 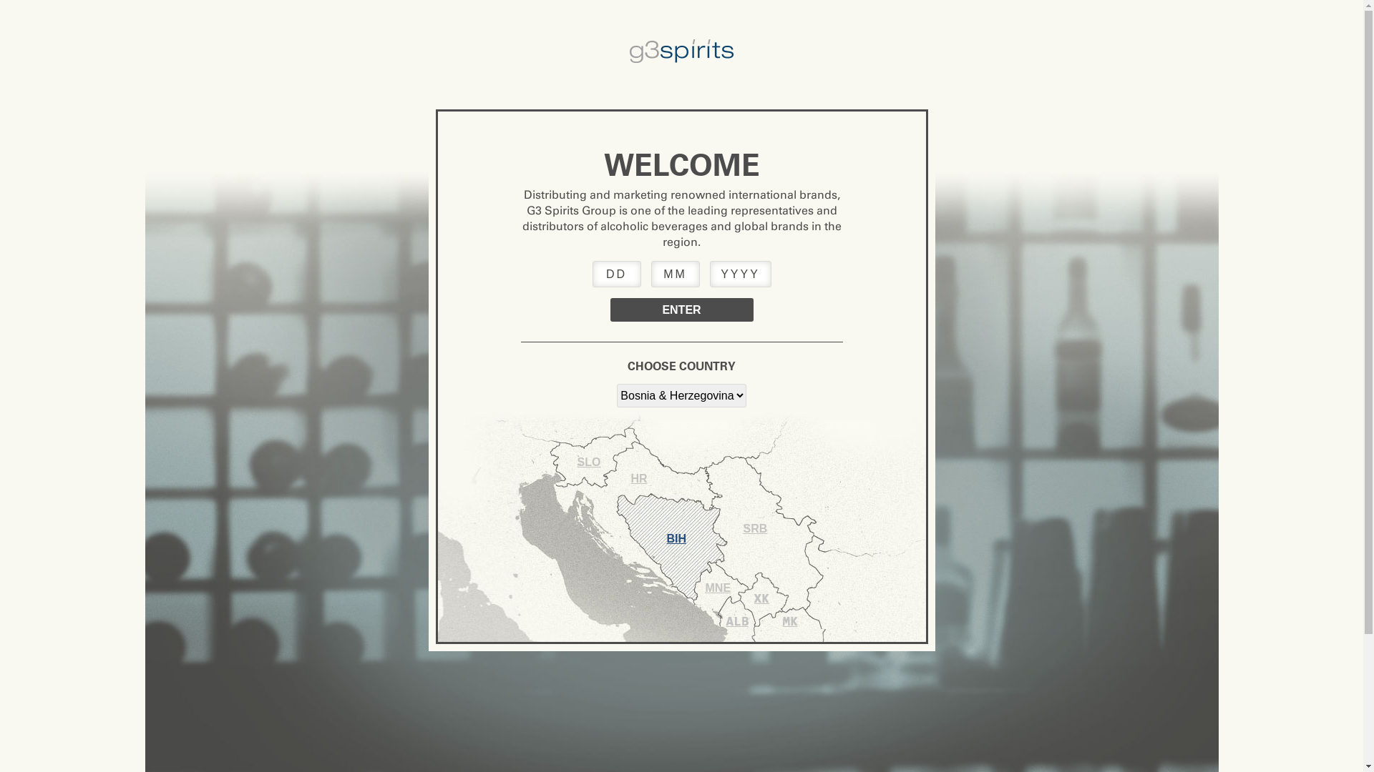 I want to click on 'Enter', so click(x=680, y=309).